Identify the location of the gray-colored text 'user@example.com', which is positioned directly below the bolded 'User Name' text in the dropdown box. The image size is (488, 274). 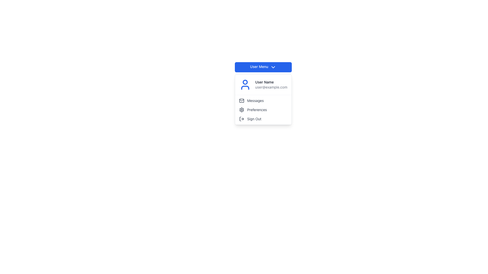
(271, 87).